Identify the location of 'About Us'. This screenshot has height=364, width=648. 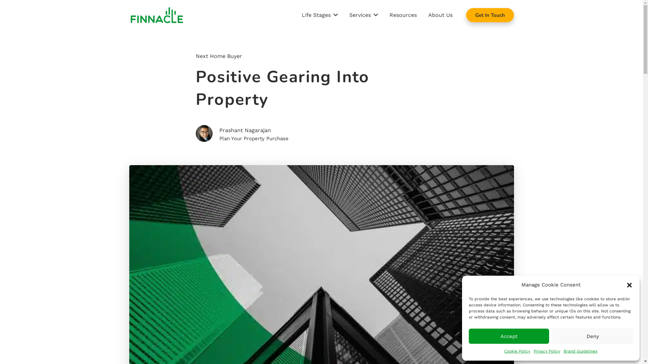
(440, 15).